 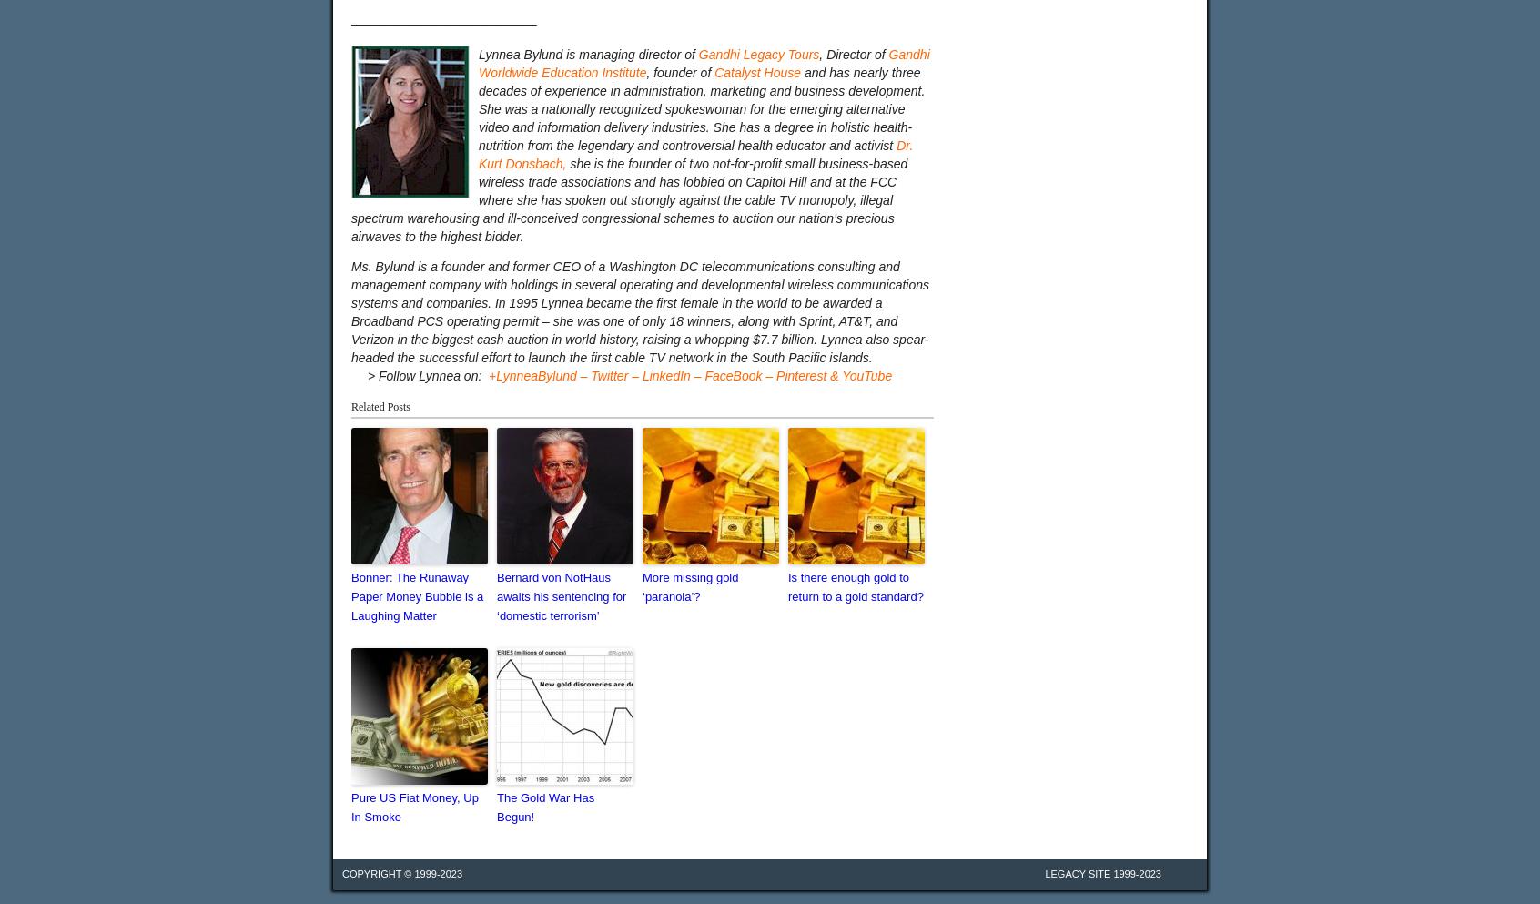 What do you see at coordinates (733, 374) in the screenshot?
I see `'FaceBook'` at bounding box center [733, 374].